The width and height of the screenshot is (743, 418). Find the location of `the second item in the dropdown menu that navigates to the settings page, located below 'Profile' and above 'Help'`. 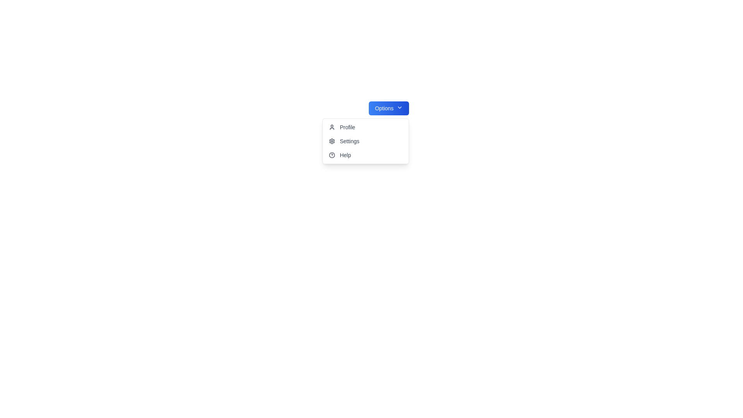

the second item in the dropdown menu that navigates to the settings page, located below 'Profile' and above 'Help' is located at coordinates (365, 141).